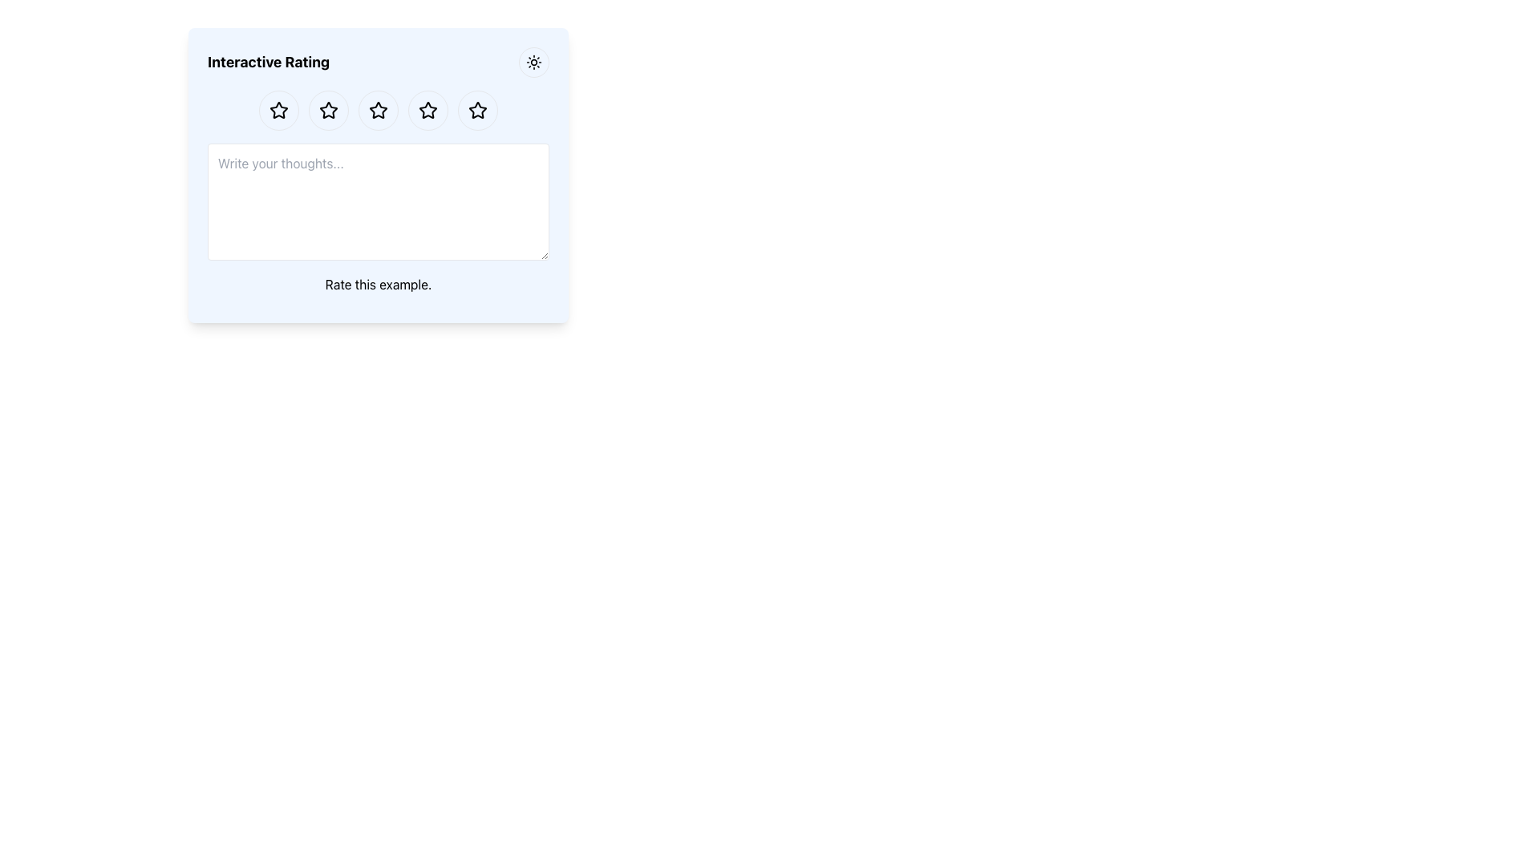 The height and width of the screenshot is (866, 1540). I want to click on the sixth star in the interactive rating system, so click(476, 110).